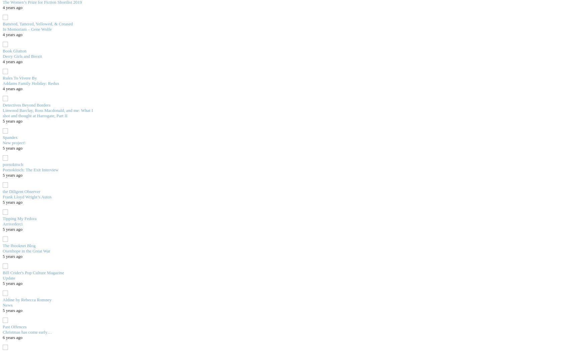 The height and width of the screenshot is (351, 572). What do you see at coordinates (26, 332) in the screenshot?
I see `'Christmas has come early…'` at bounding box center [26, 332].